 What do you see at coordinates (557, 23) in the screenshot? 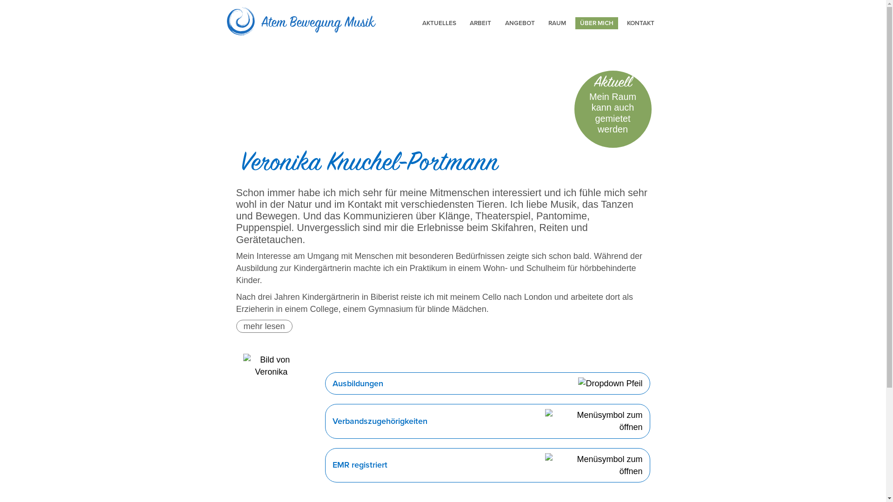
I see `'RAUM'` at bounding box center [557, 23].